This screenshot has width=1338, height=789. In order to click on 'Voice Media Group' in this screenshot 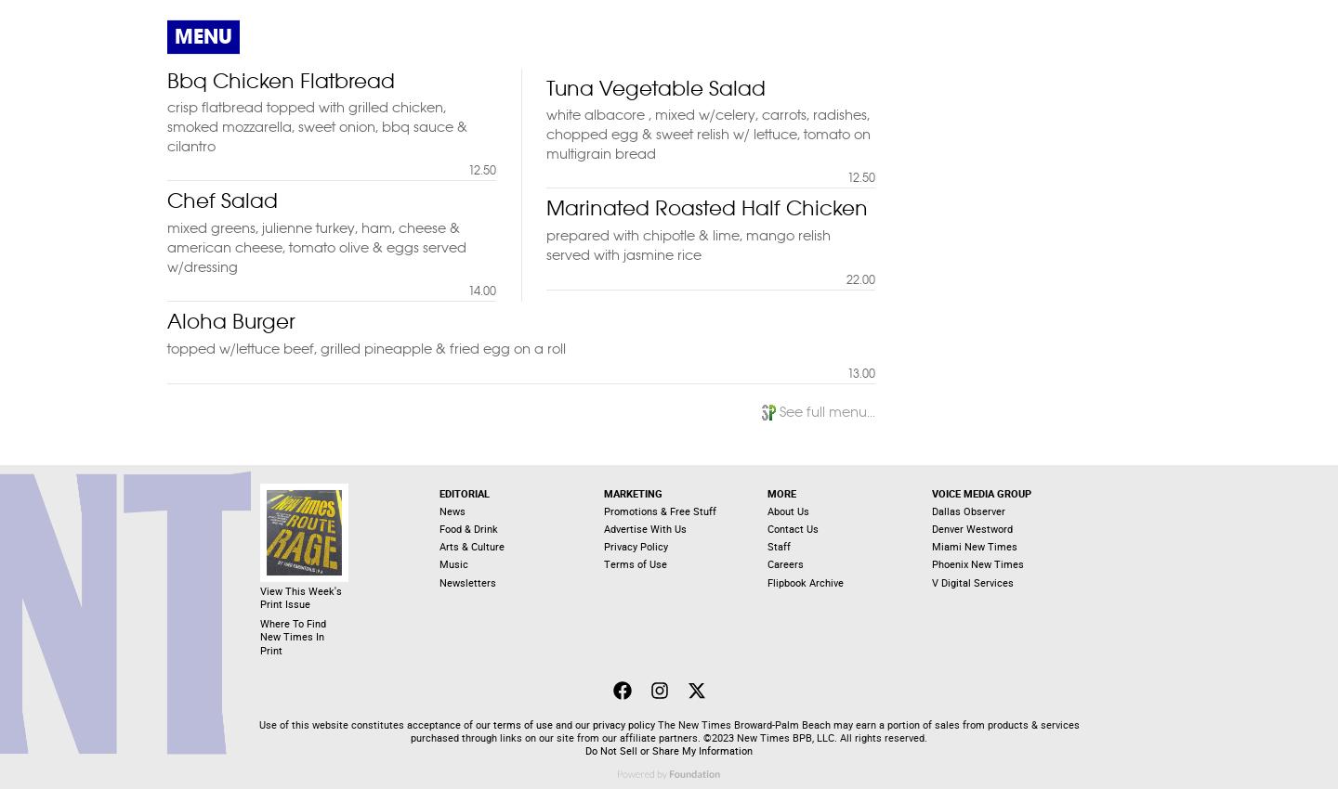, I will do `click(981, 492)`.